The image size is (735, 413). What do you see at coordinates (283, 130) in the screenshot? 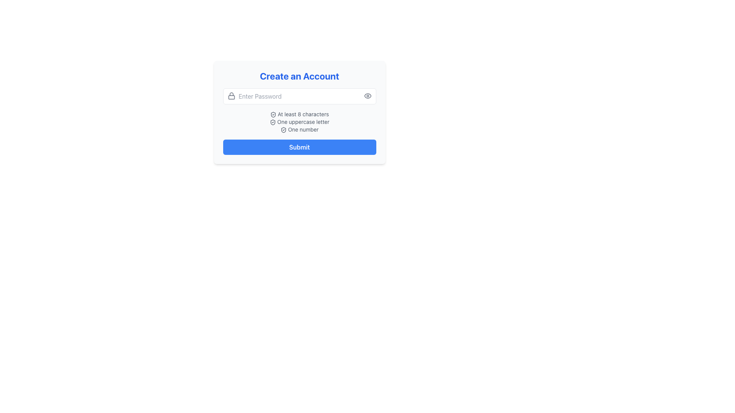
I see `the shield icon with a checkmark symbol, which indicates the password requirement for 'One number.'` at bounding box center [283, 130].